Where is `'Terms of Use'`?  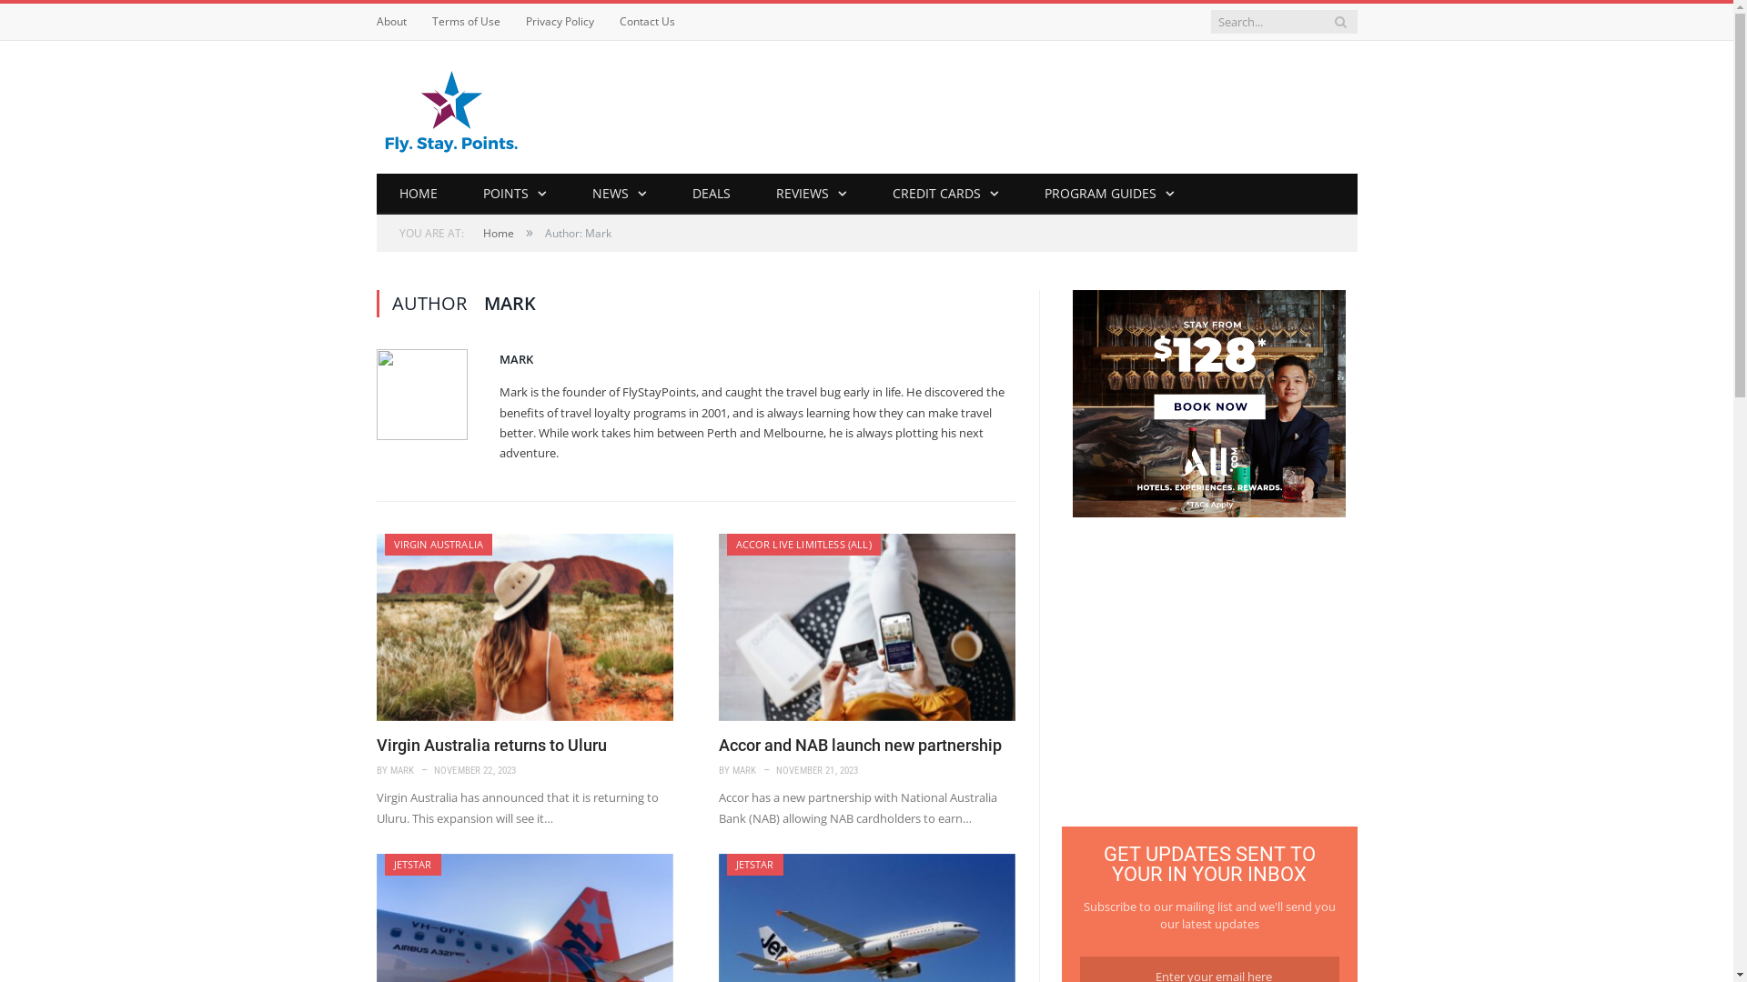
'Terms of Use' is located at coordinates (465, 21).